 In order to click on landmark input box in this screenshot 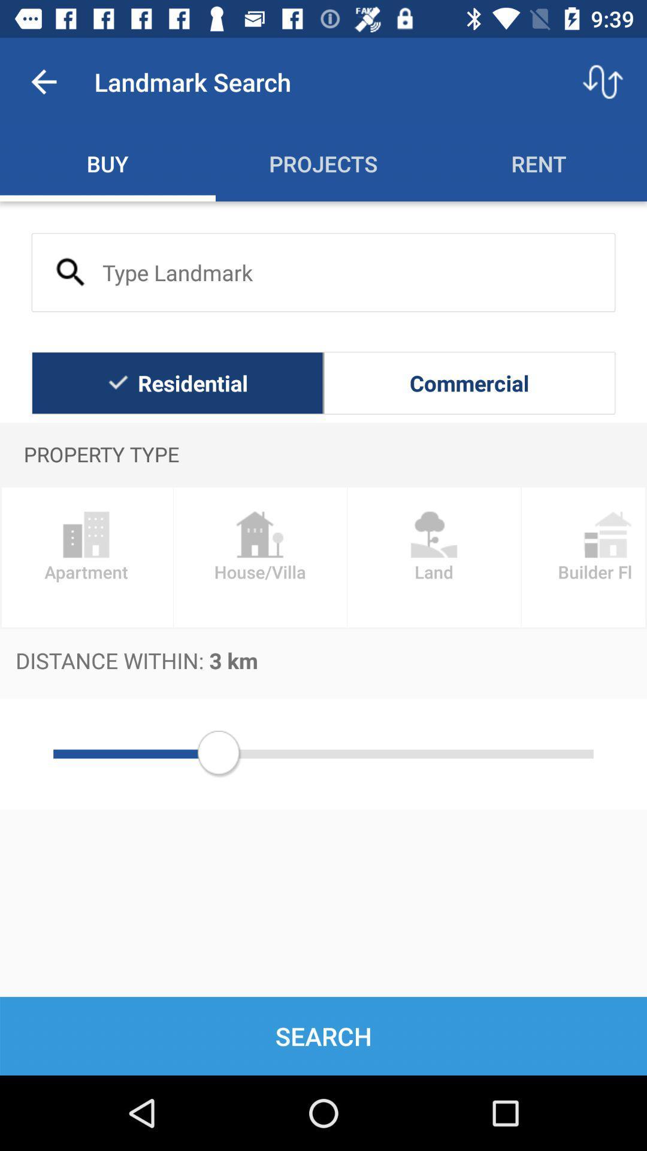, I will do `click(323, 272)`.